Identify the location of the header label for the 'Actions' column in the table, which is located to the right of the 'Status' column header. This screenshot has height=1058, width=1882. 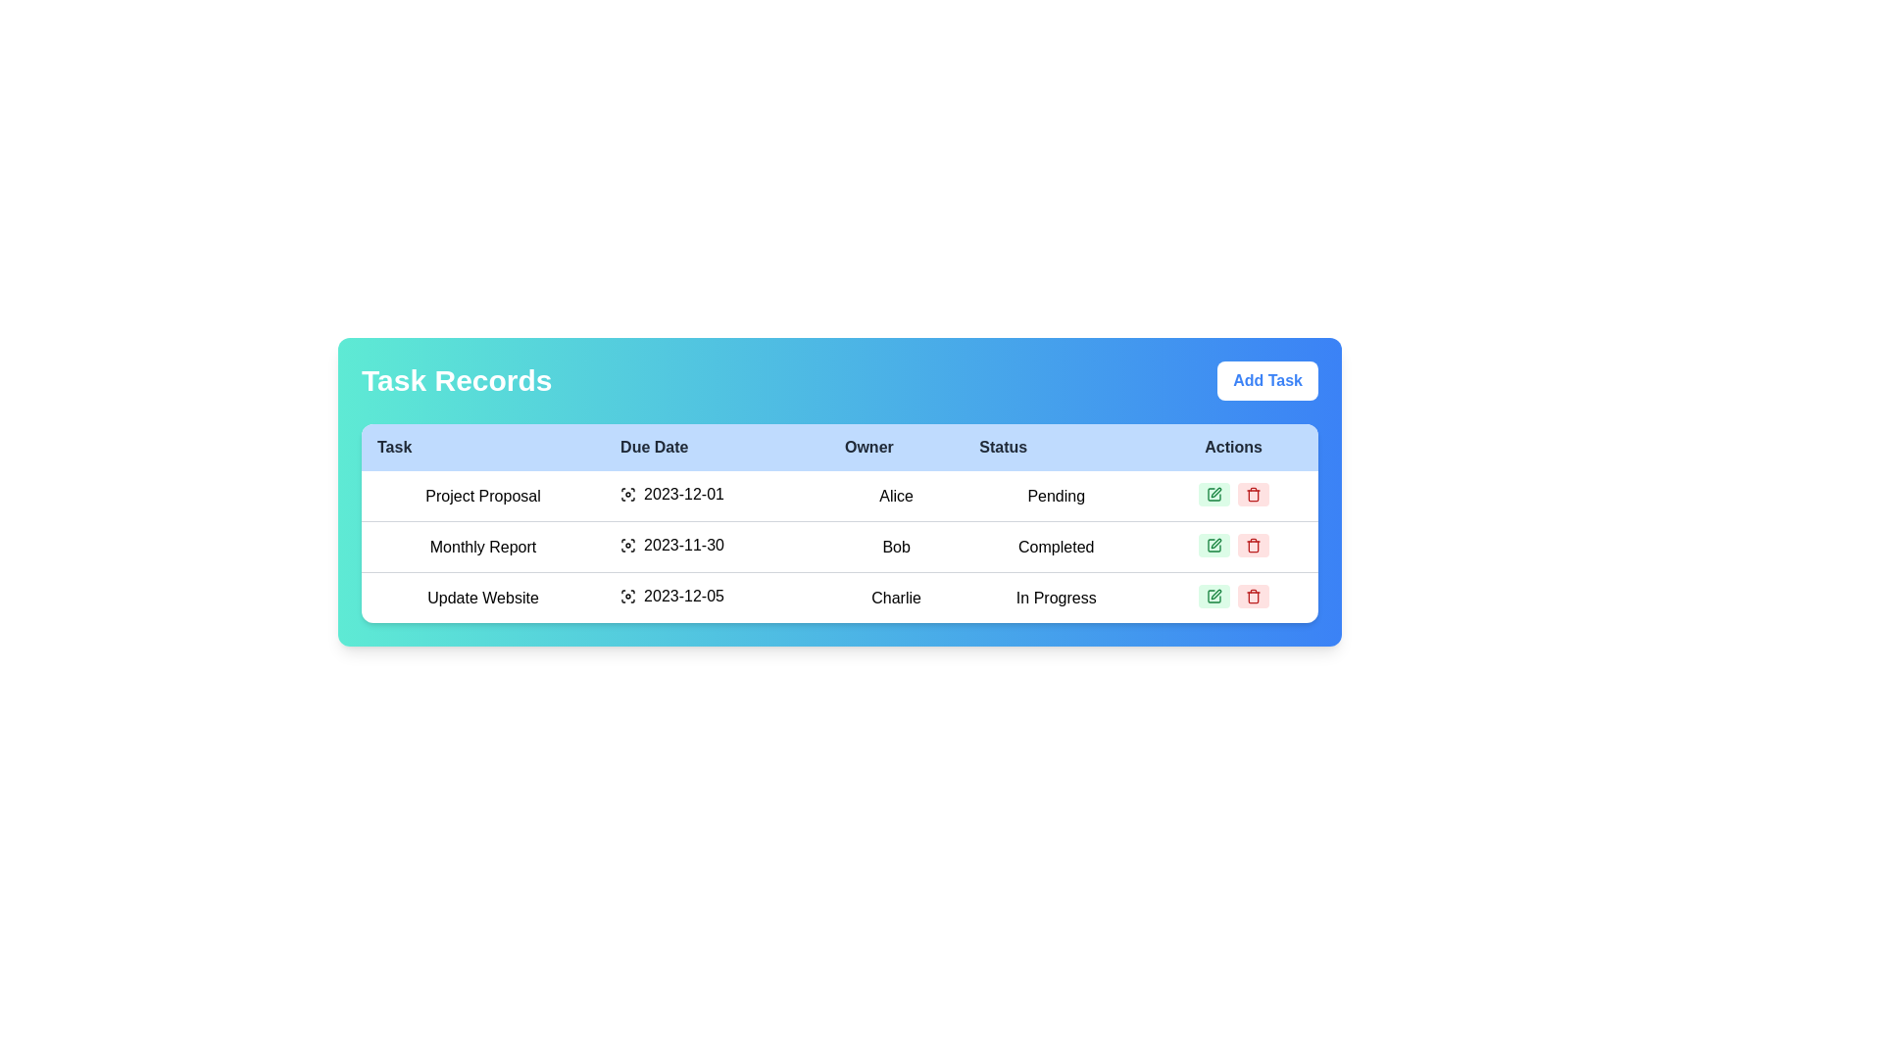
(1232, 447).